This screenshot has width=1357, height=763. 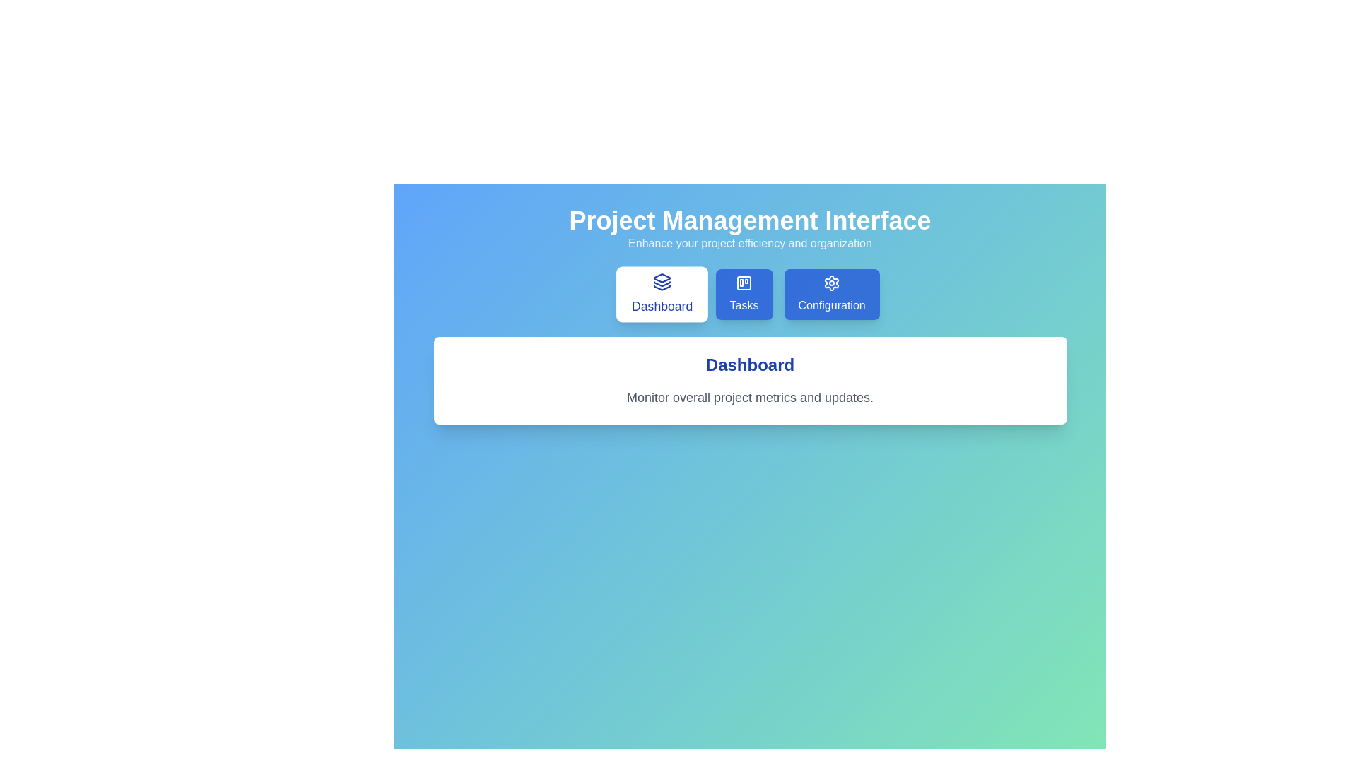 I want to click on the tab labeled Dashboard, so click(x=662, y=293).